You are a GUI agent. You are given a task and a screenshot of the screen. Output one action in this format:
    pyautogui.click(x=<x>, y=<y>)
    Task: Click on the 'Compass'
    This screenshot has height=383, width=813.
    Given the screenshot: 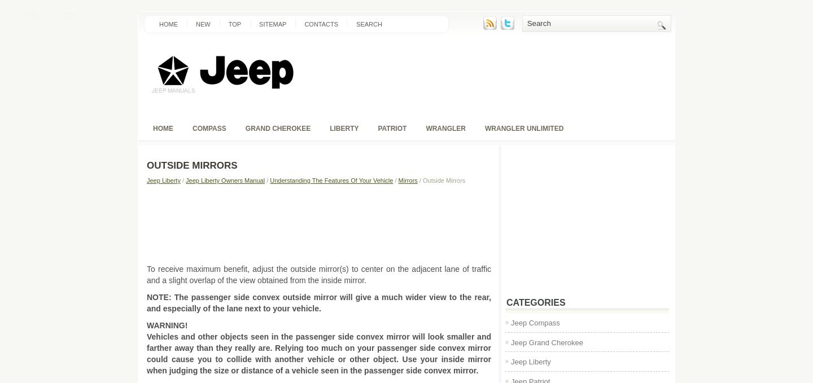 What is the action you would take?
    pyautogui.click(x=208, y=128)
    